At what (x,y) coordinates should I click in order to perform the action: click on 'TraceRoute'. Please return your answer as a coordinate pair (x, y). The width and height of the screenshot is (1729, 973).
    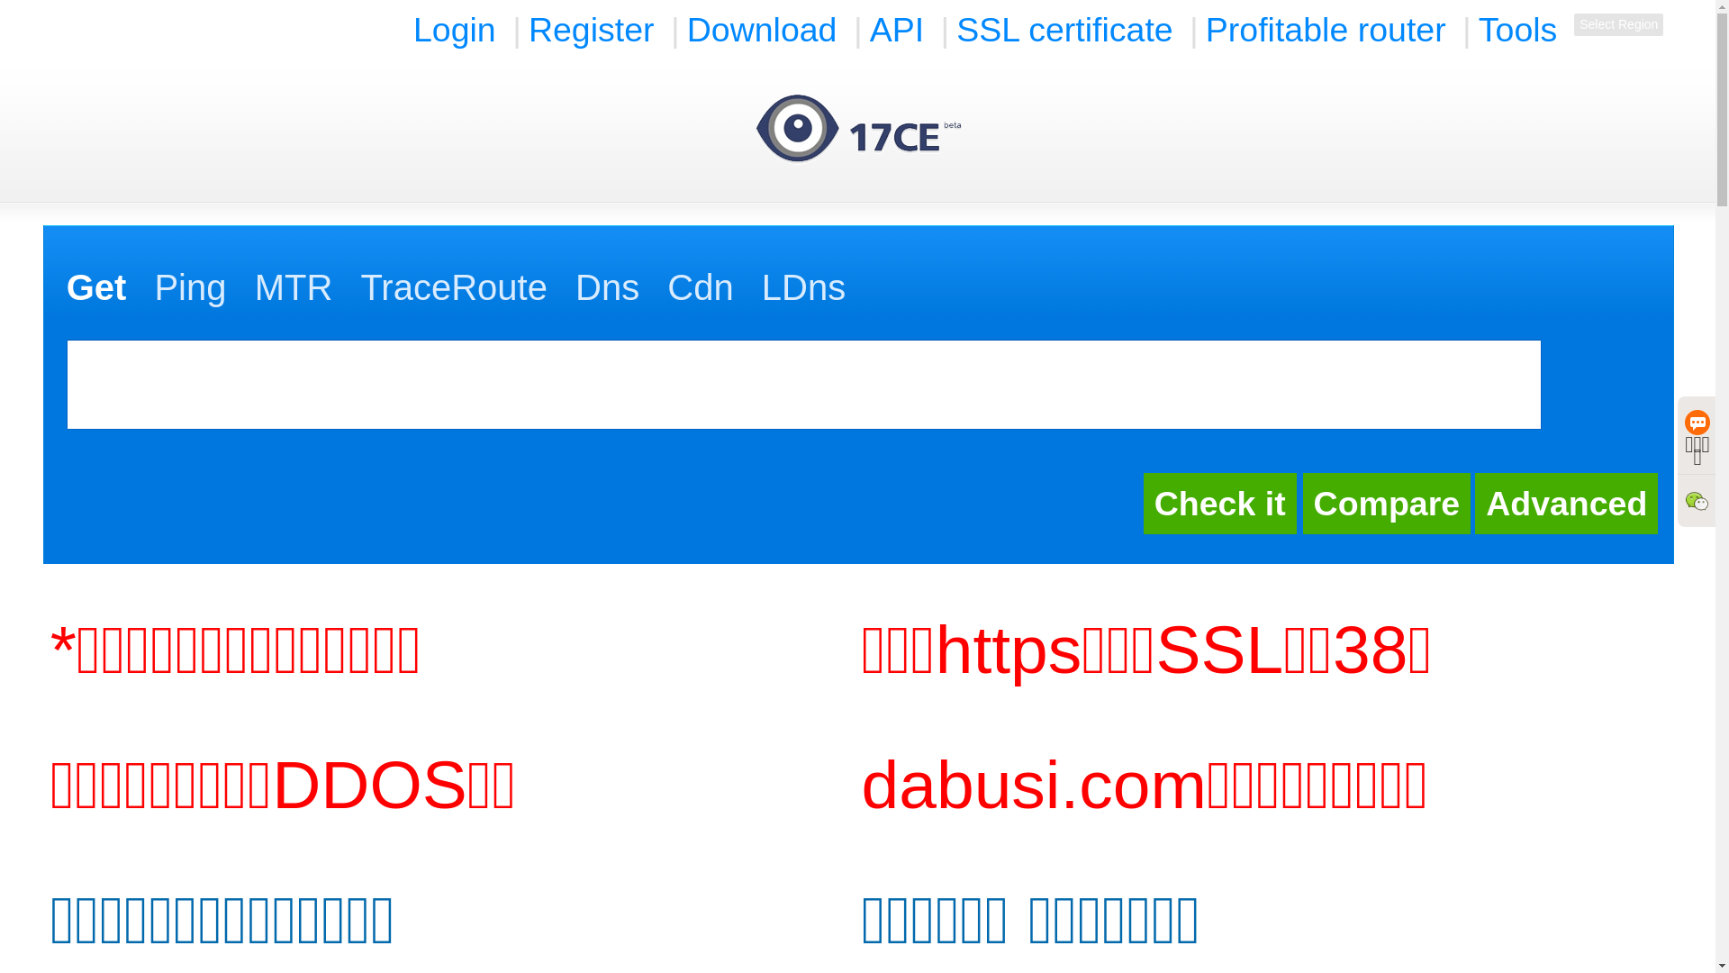
    Looking at the image, I should click on (454, 286).